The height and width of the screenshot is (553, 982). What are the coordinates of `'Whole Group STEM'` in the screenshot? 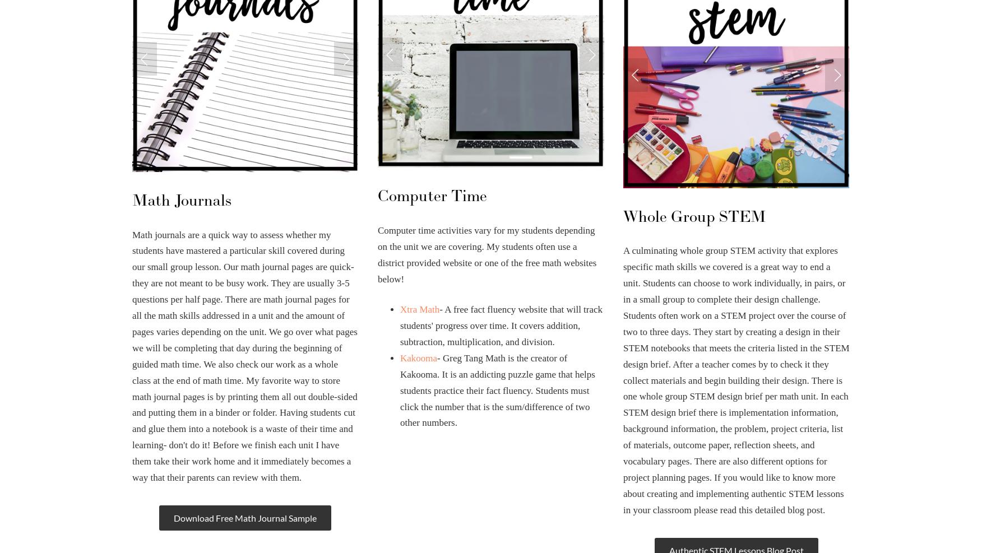 It's located at (694, 216).